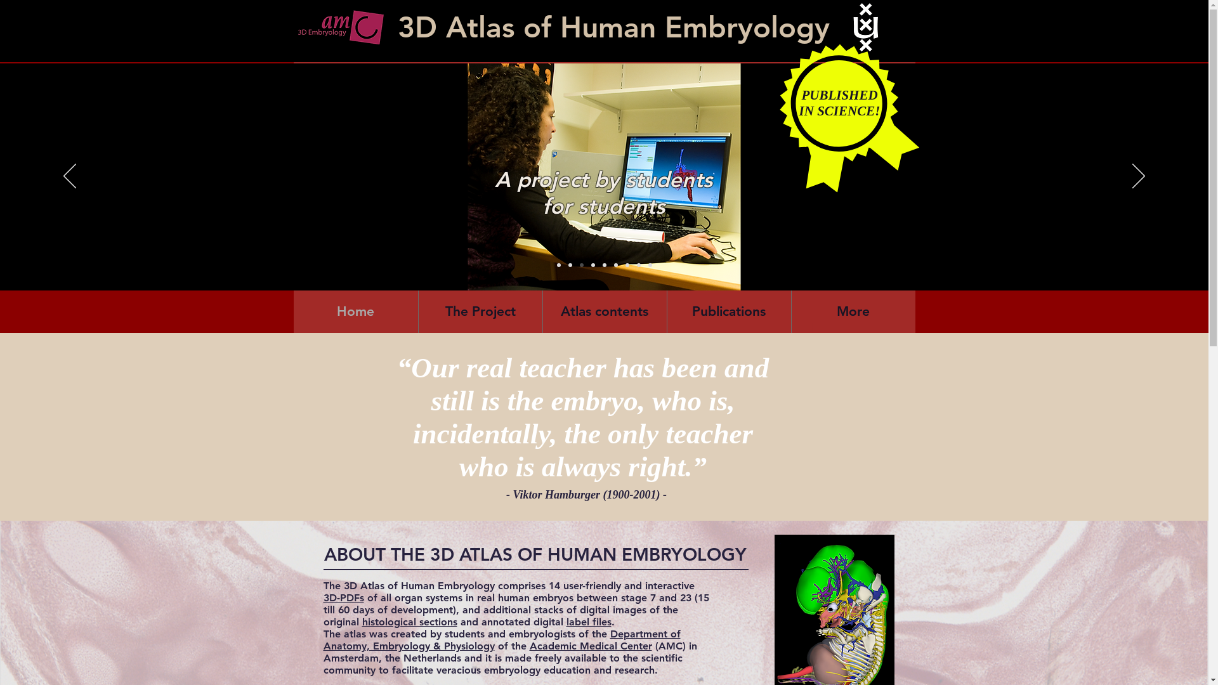  What do you see at coordinates (587, 621) in the screenshot?
I see `'label files'` at bounding box center [587, 621].